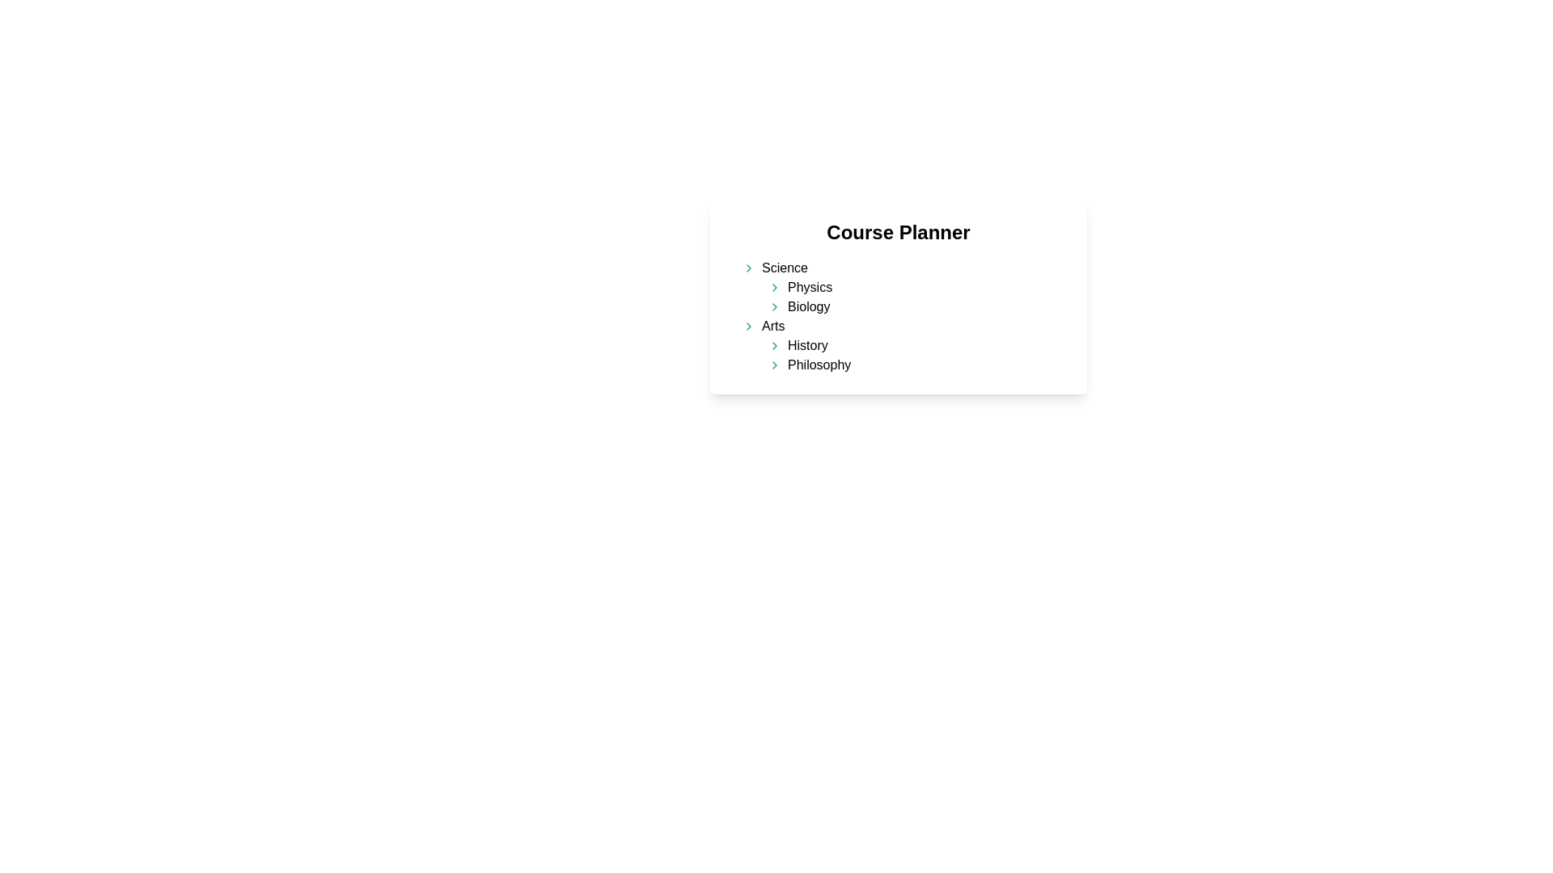  What do you see at coordinates (917, 345) in the screenshot?
I see `the 'History' menu item located at the top of the 'Arts' category in the 'Course Planner' section` at bounding box center [917, 345].